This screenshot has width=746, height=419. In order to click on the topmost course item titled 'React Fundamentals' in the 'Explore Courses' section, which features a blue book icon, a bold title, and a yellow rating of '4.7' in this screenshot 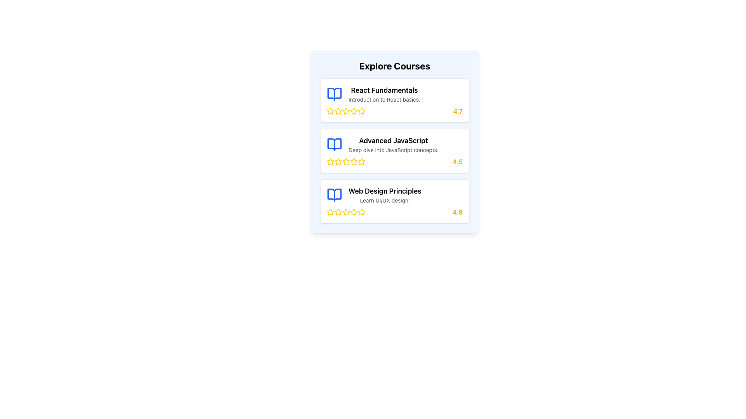, I will do `click(395, 100)`.